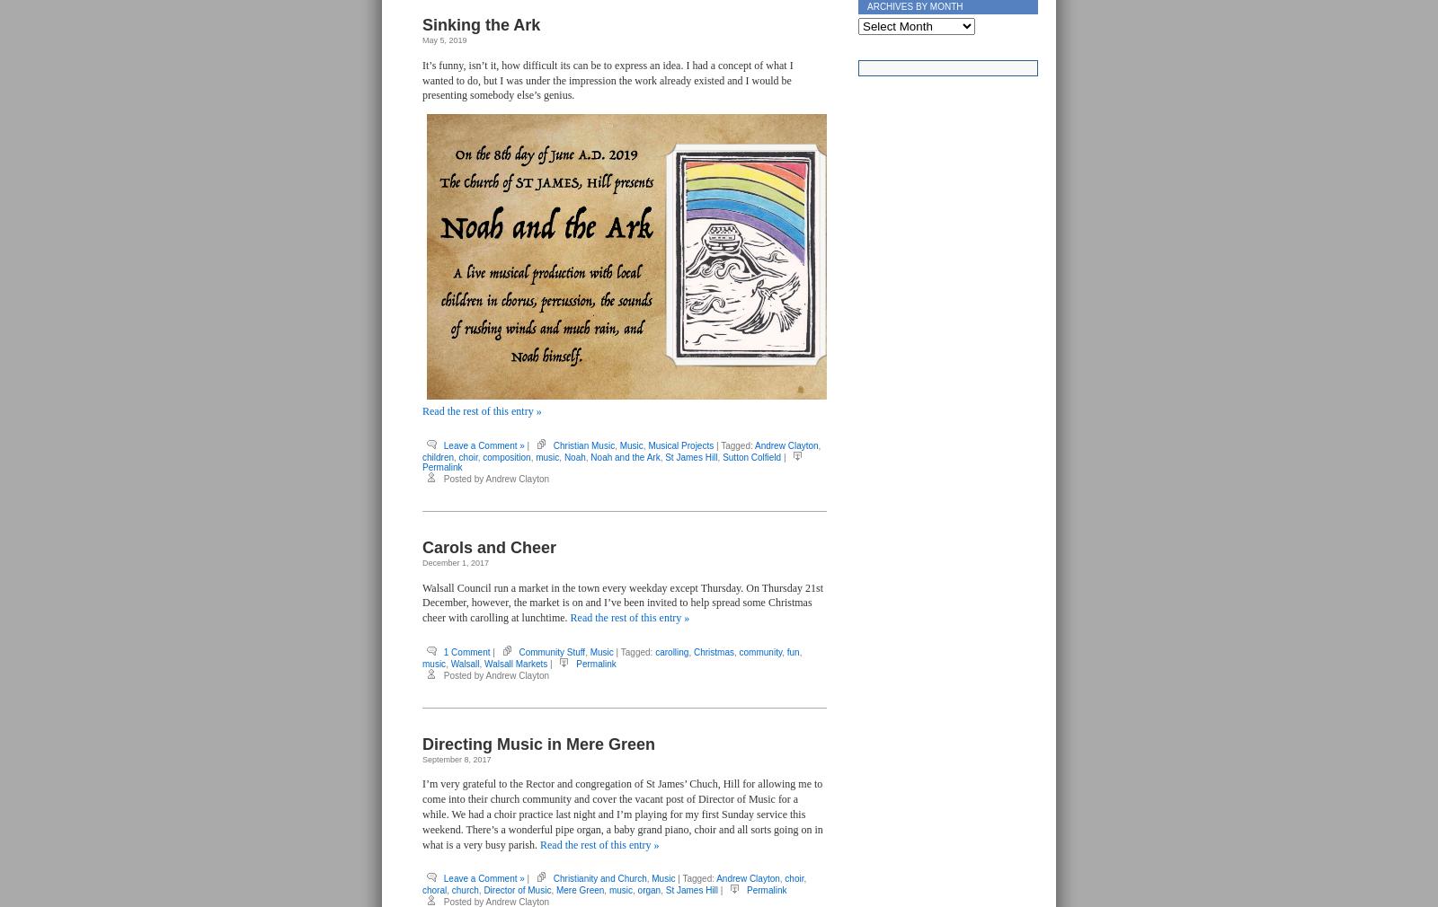  I want to click on 'church', so click(463, 890).